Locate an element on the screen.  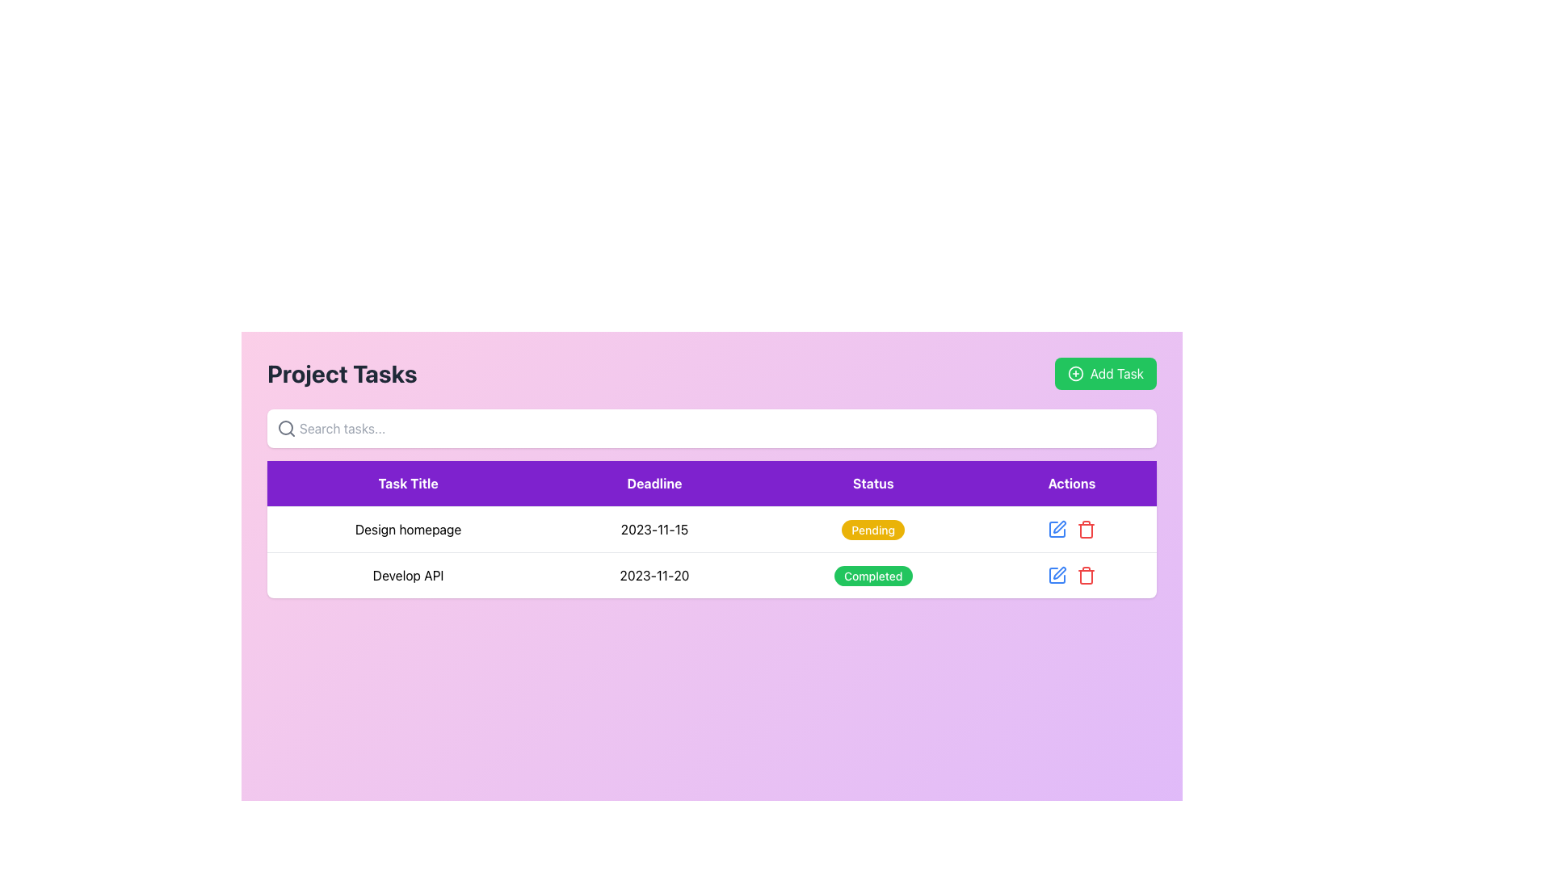
the 'Actions' text label in the header row of the table, which indicates functionality for editing or deleting tasks is located at coordinates (1071, 483).